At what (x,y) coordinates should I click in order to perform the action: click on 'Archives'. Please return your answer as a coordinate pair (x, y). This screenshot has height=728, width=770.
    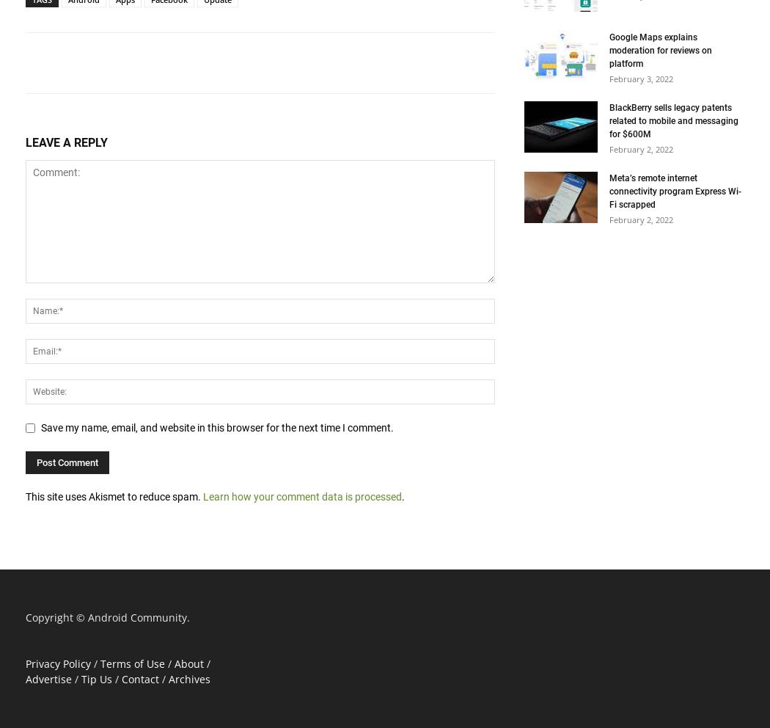
    Looking at the image, I should click on (189, 677).